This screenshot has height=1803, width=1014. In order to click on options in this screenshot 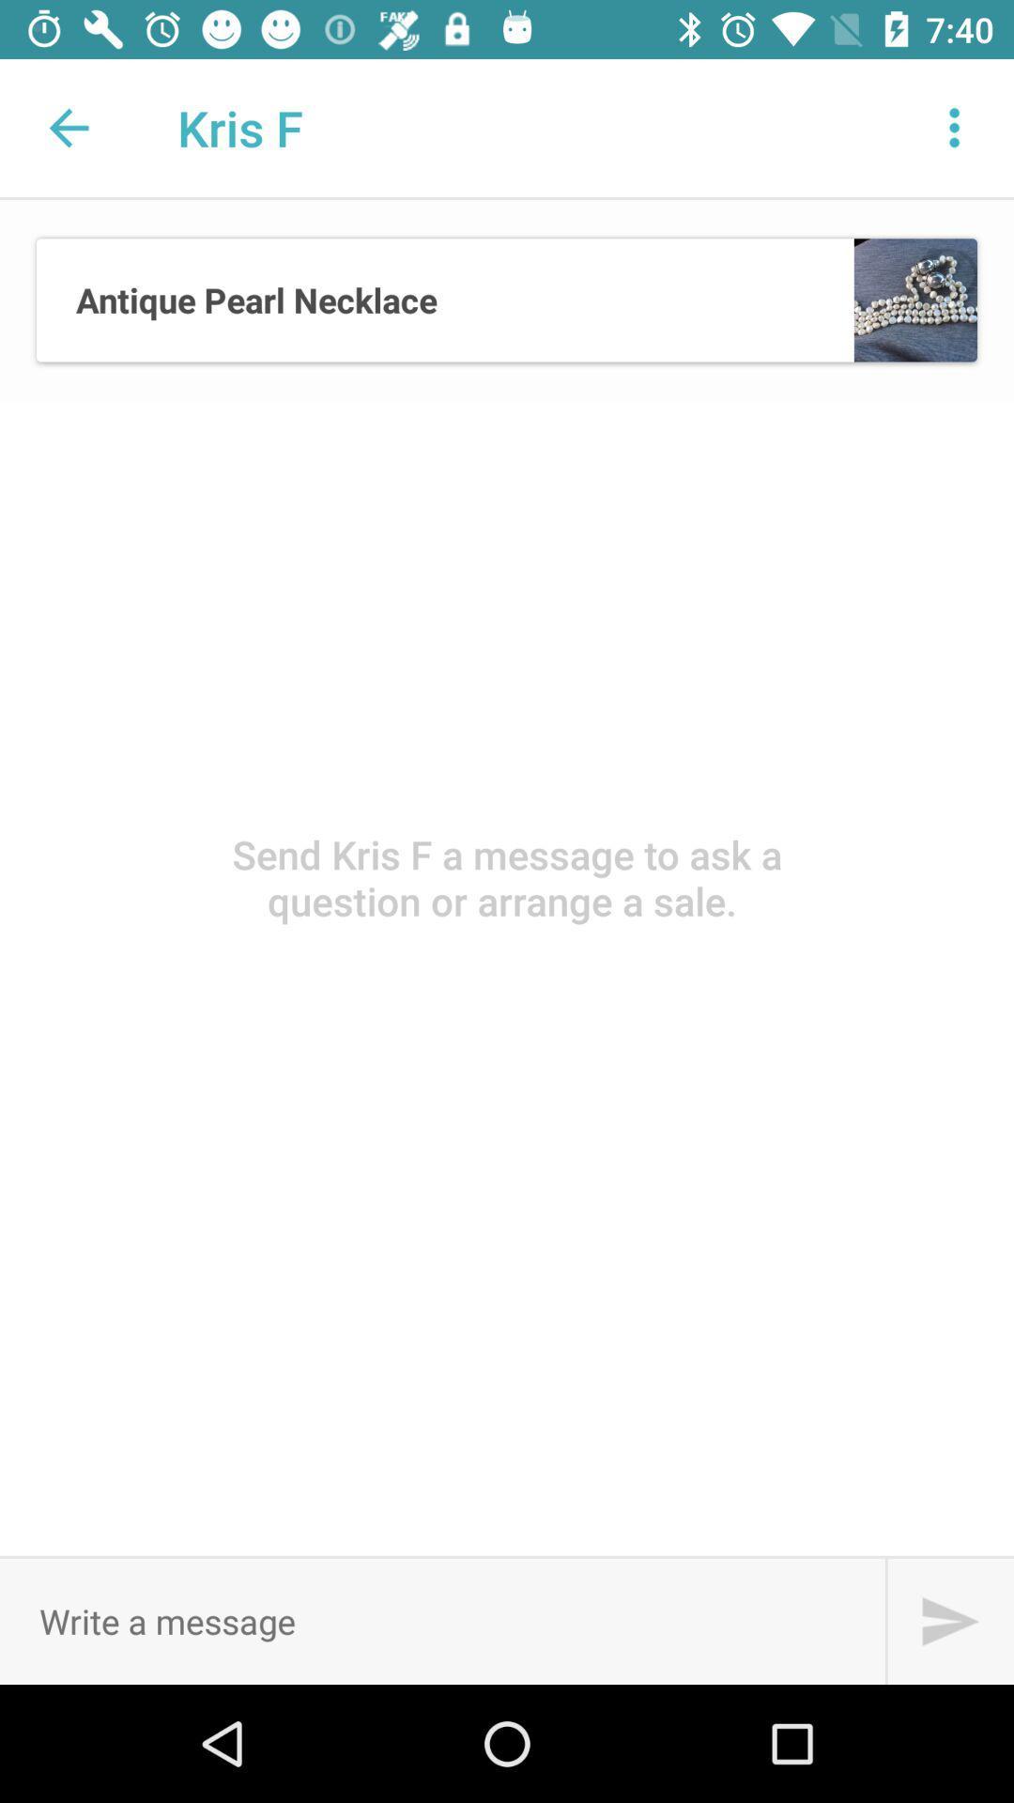, I will do `click(955, 127)`.